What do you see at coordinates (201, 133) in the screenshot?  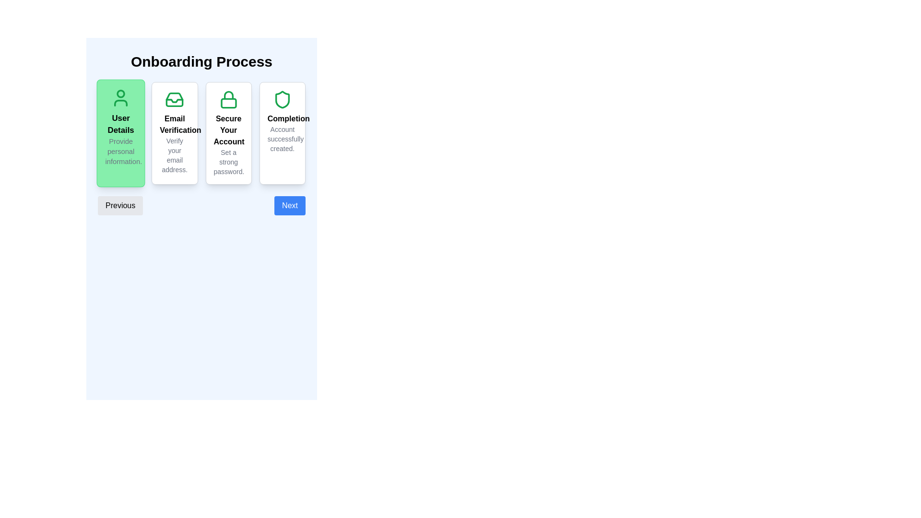 I see `the 'Email Verification' informational card, which is the second card from the left in a row of four cards, featuring a green border and an envelope icon at the top, to interact with its area` at bounding box center [201, 133].